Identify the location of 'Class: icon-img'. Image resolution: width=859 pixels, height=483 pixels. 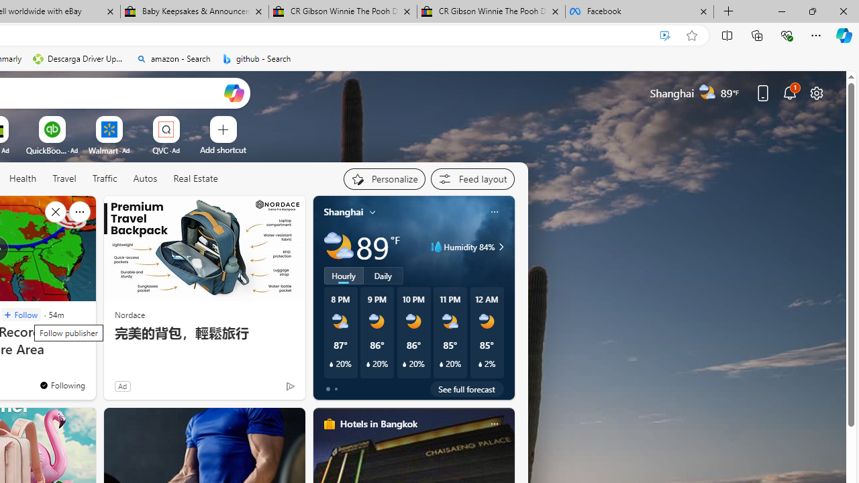
(493, 424).